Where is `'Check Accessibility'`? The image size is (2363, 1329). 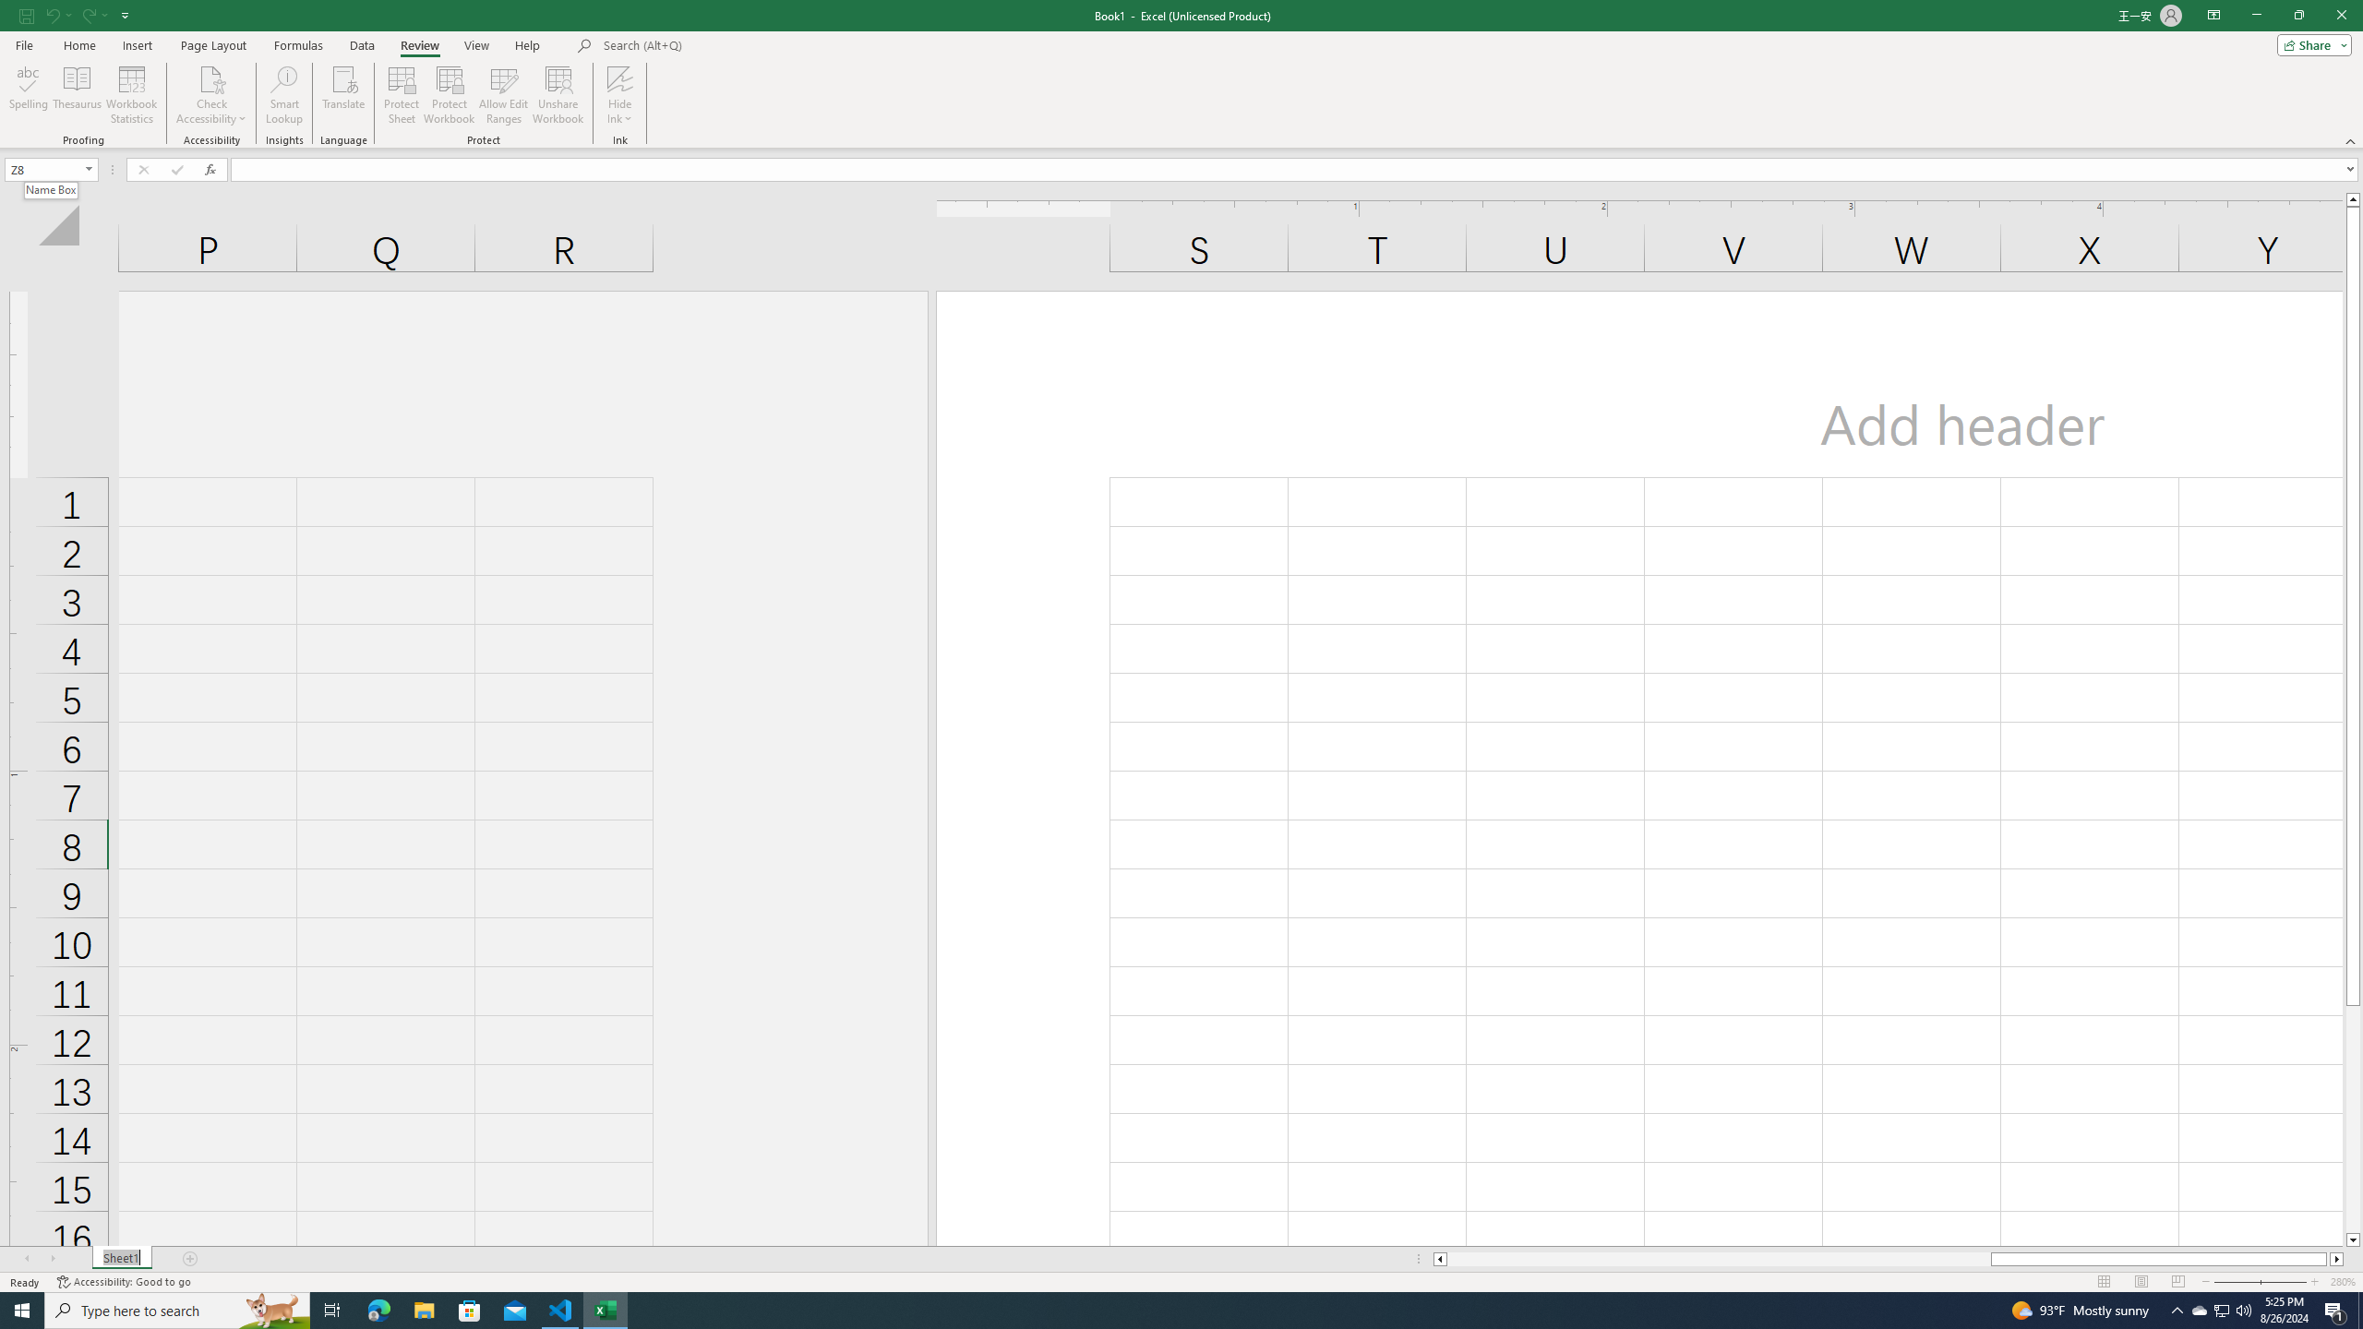 'Check Accessibility' is located at coordinates (210, 78).